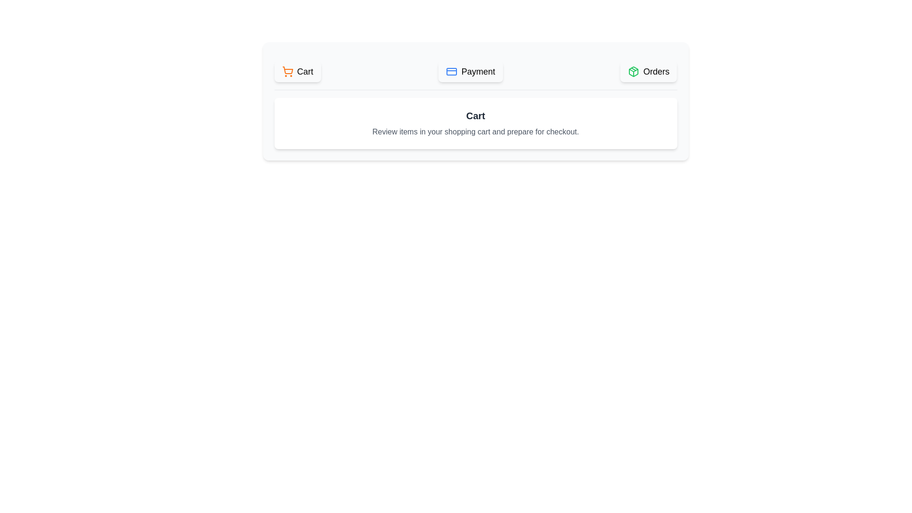  Describe the element at coordinates (297, 71) in the screenshot. I see `the Cart tab to activate it` at that location.